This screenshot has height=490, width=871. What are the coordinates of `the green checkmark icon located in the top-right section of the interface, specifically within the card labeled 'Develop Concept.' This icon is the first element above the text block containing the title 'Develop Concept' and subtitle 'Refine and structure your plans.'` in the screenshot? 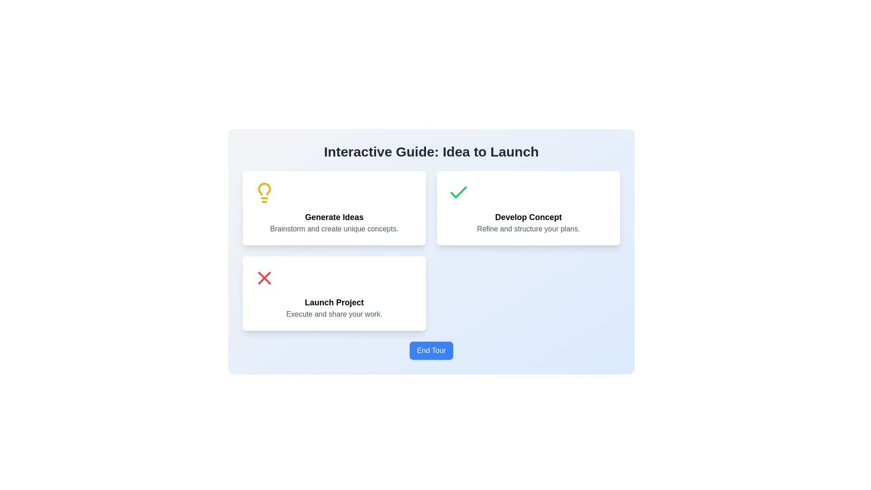 It's located at (459, 192).